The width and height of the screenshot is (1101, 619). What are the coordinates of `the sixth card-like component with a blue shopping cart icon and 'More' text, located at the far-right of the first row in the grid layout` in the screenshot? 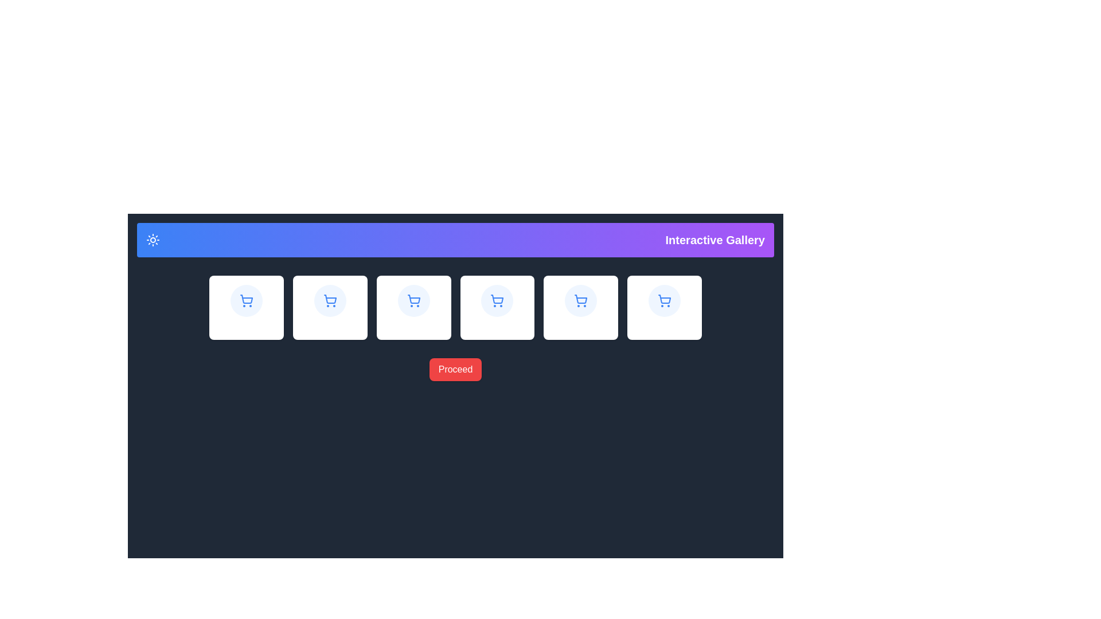 It's located at (665, 307).